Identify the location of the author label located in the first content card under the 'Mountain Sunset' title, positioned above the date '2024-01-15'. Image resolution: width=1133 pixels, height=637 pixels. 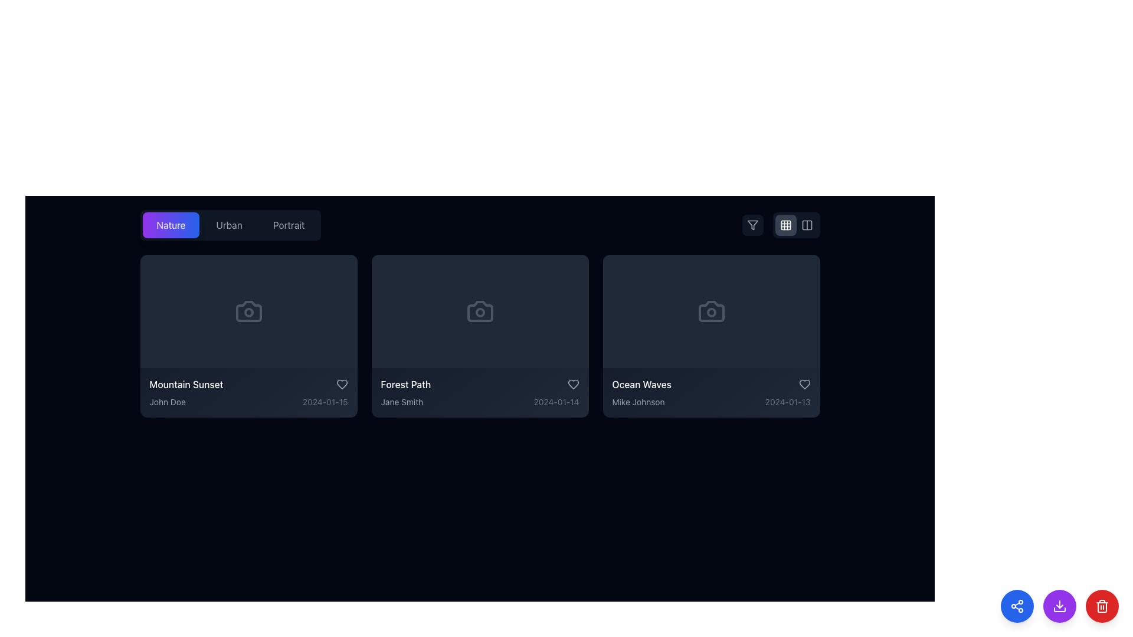
(167, 402).